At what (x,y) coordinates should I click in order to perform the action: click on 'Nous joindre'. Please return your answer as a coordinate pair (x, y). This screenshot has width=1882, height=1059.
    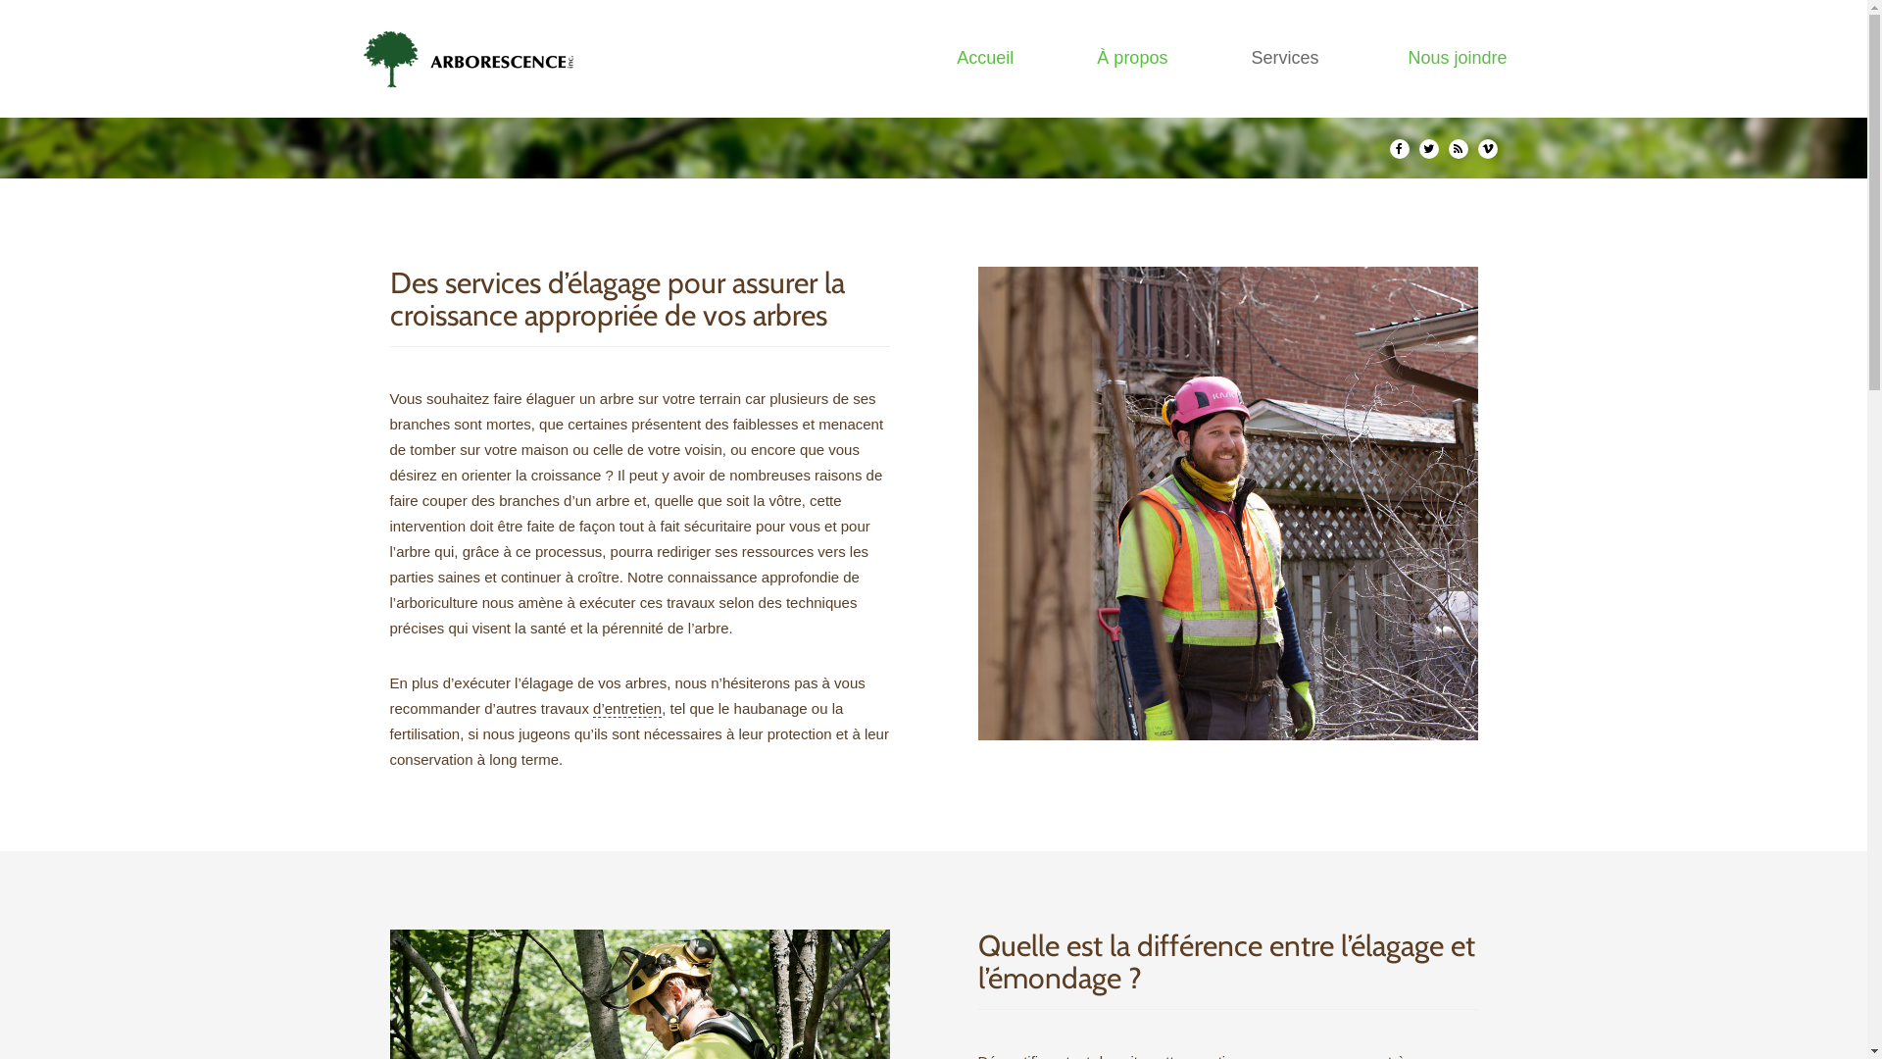
    Looking at the image, I should click on (1457, 57).